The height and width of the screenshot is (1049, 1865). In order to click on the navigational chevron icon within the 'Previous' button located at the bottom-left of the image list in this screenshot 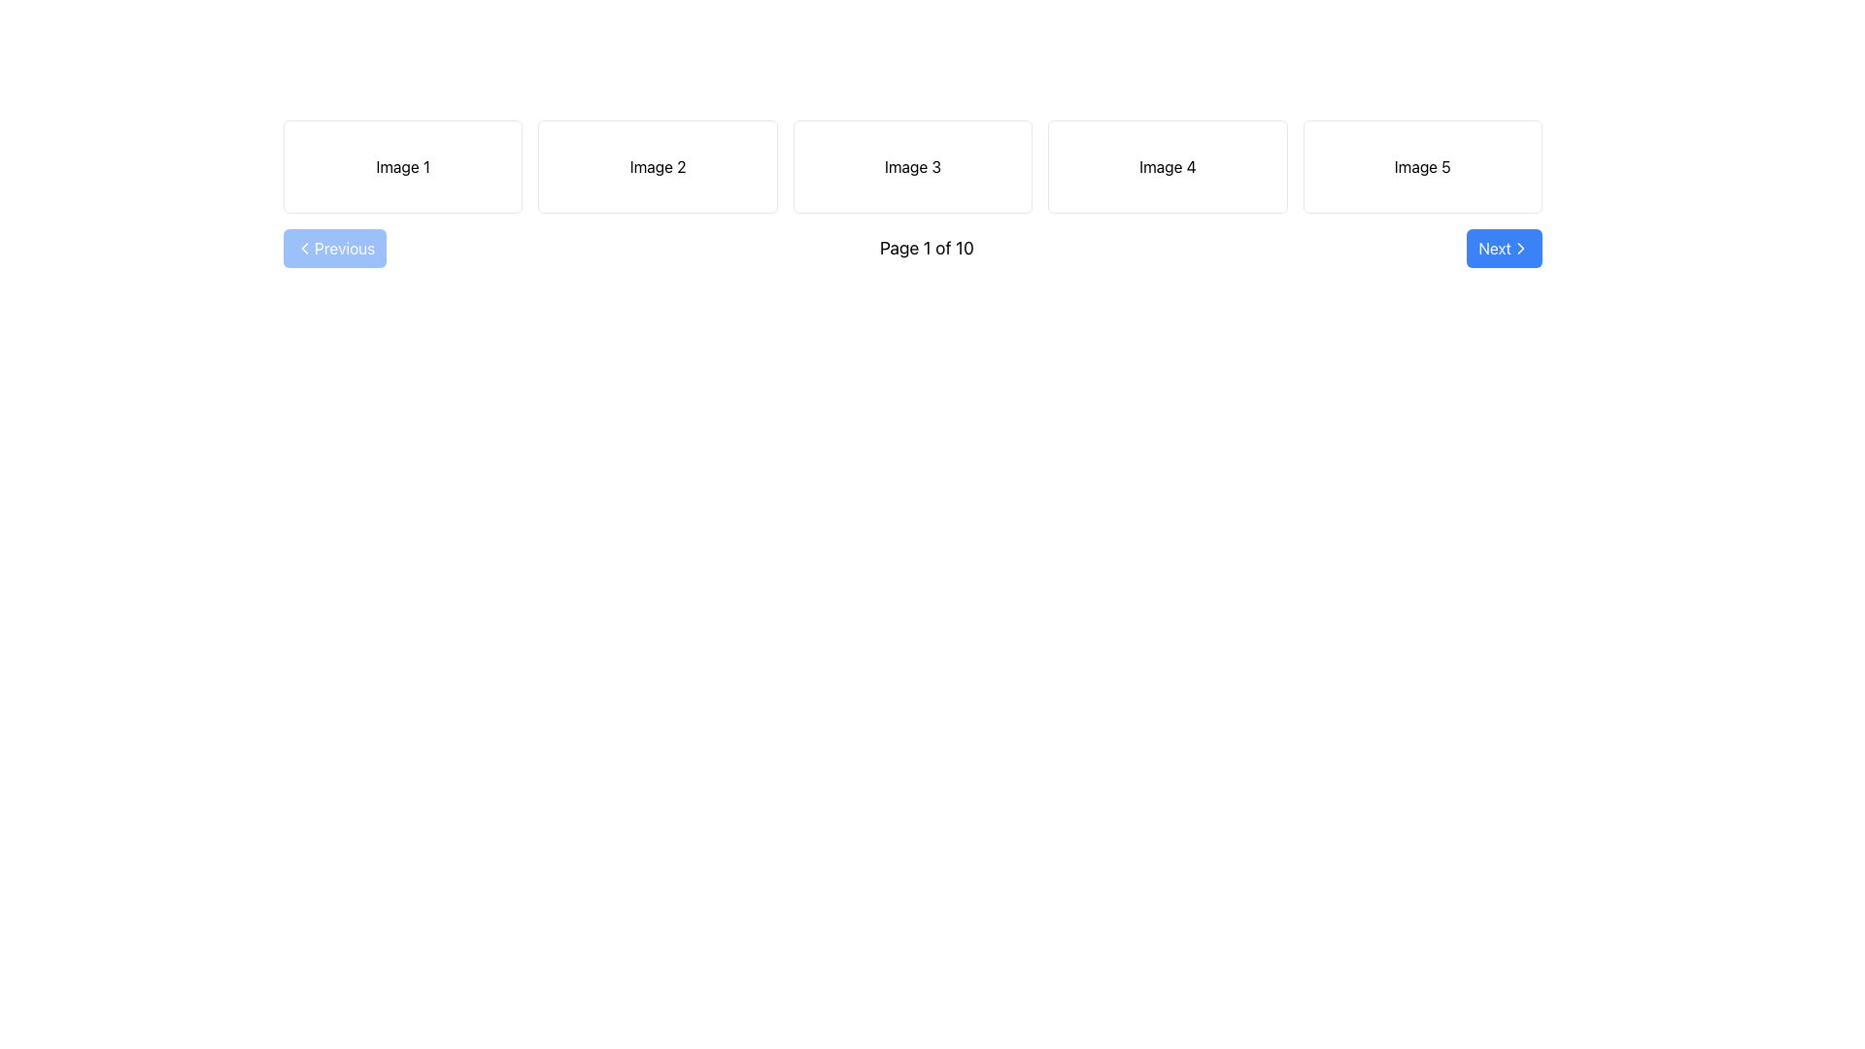, I will do `click(303, 247)`.